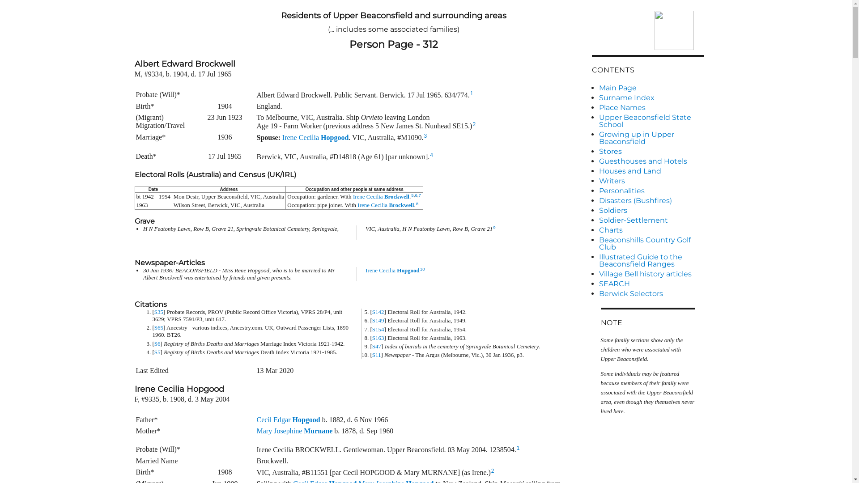 This screenshot has width=859, height=483. I want to click on '3', so click(425, 136).